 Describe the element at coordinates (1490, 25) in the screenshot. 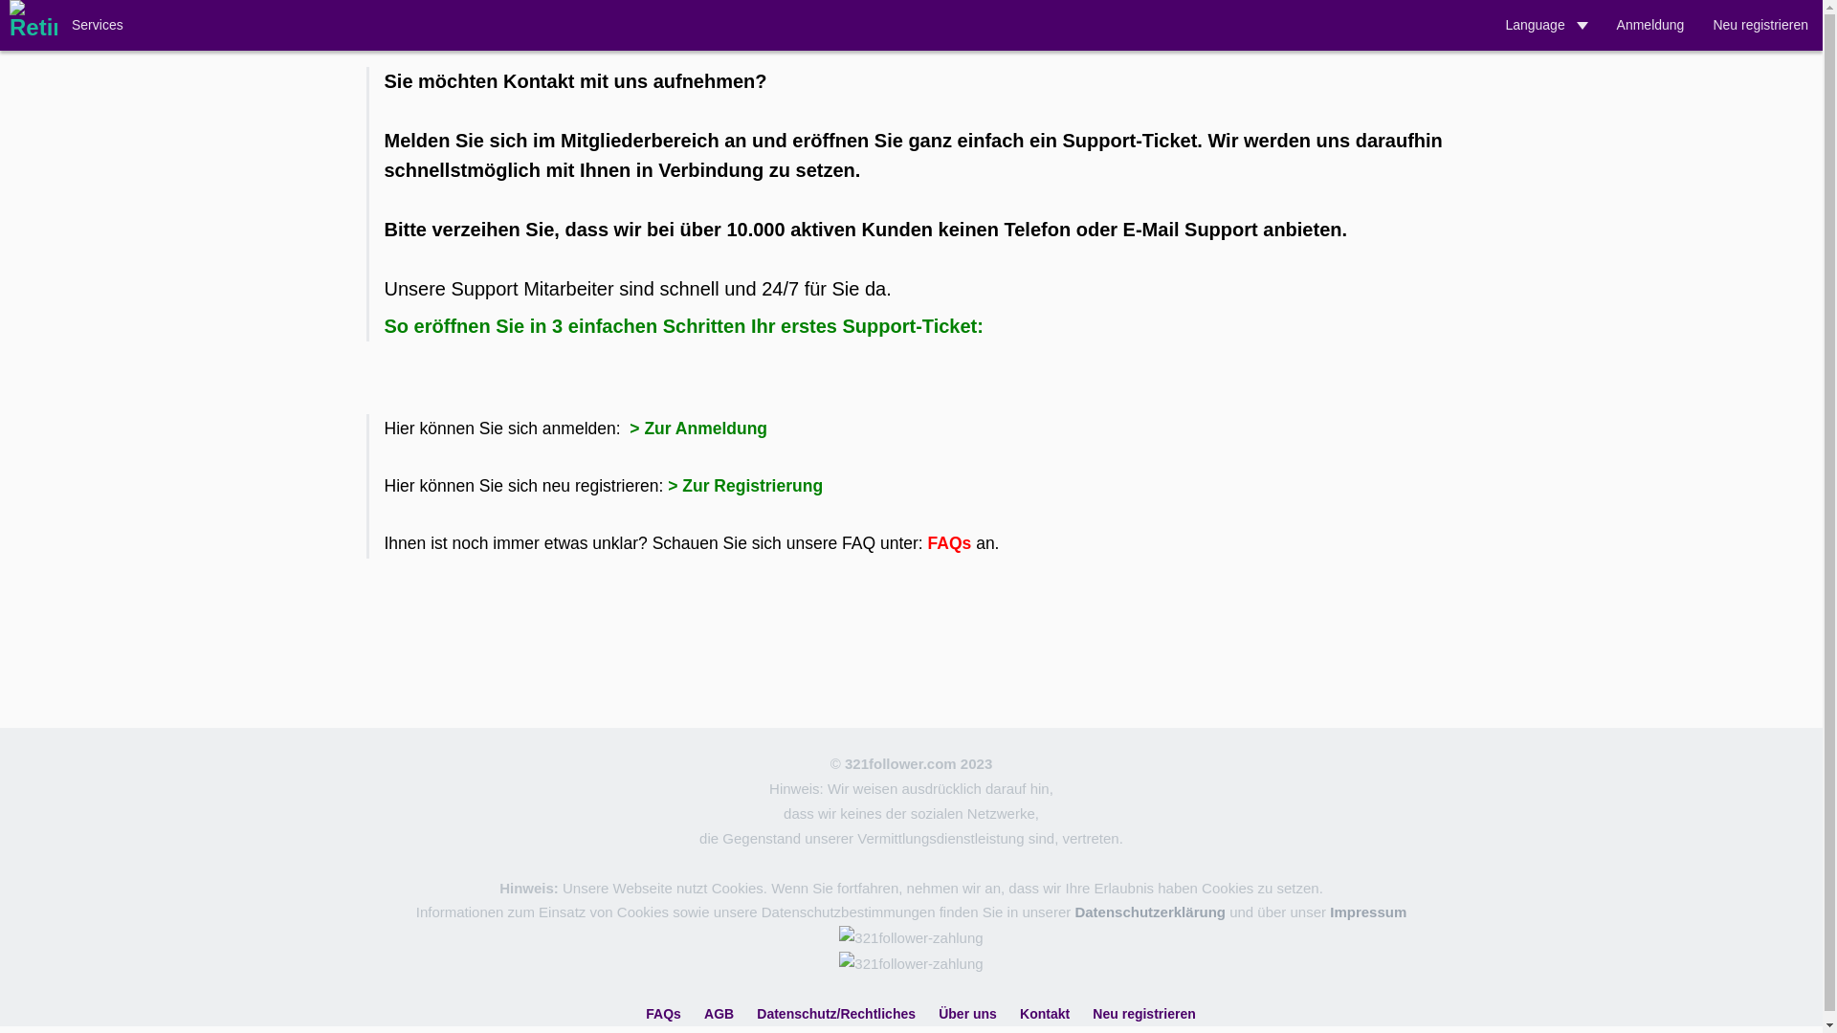

I see `'Language'` at that location.